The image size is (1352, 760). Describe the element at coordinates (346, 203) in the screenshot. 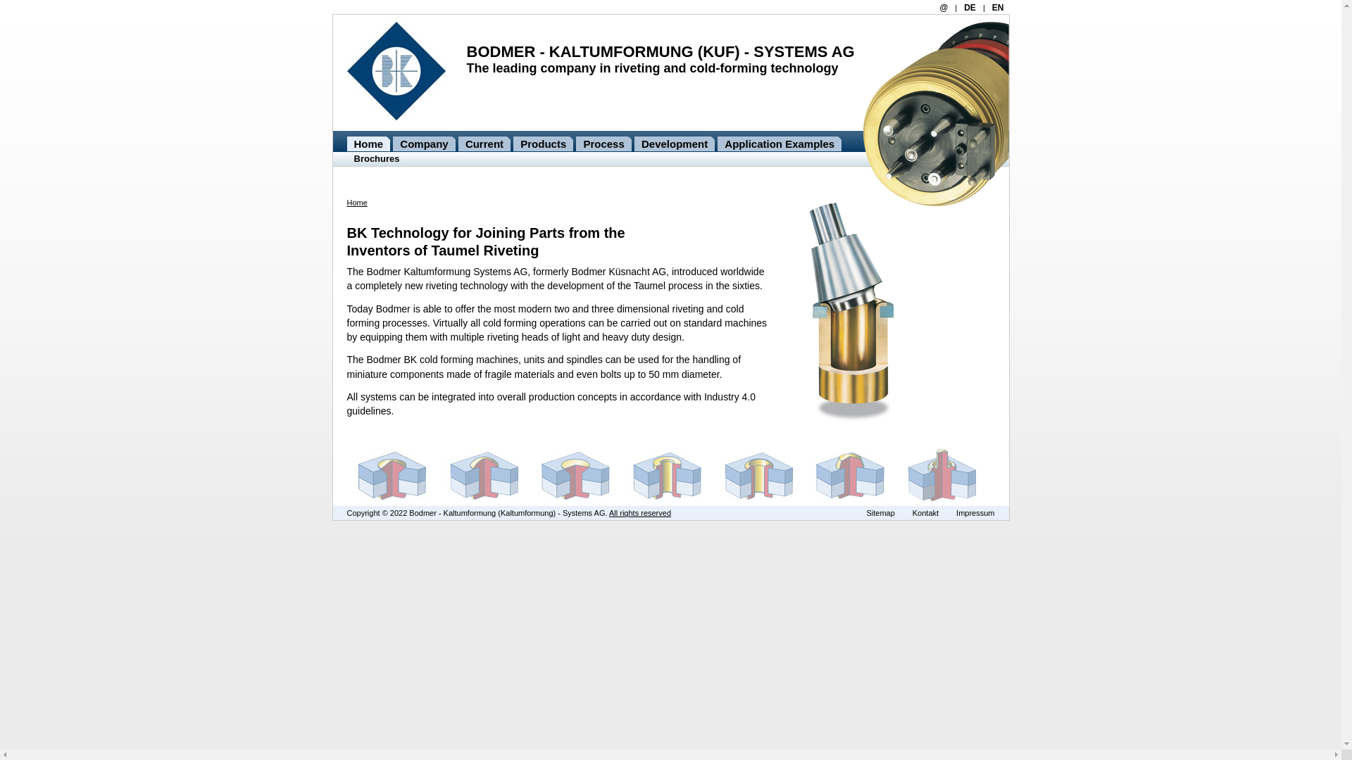

I see `'Home'` at that location.